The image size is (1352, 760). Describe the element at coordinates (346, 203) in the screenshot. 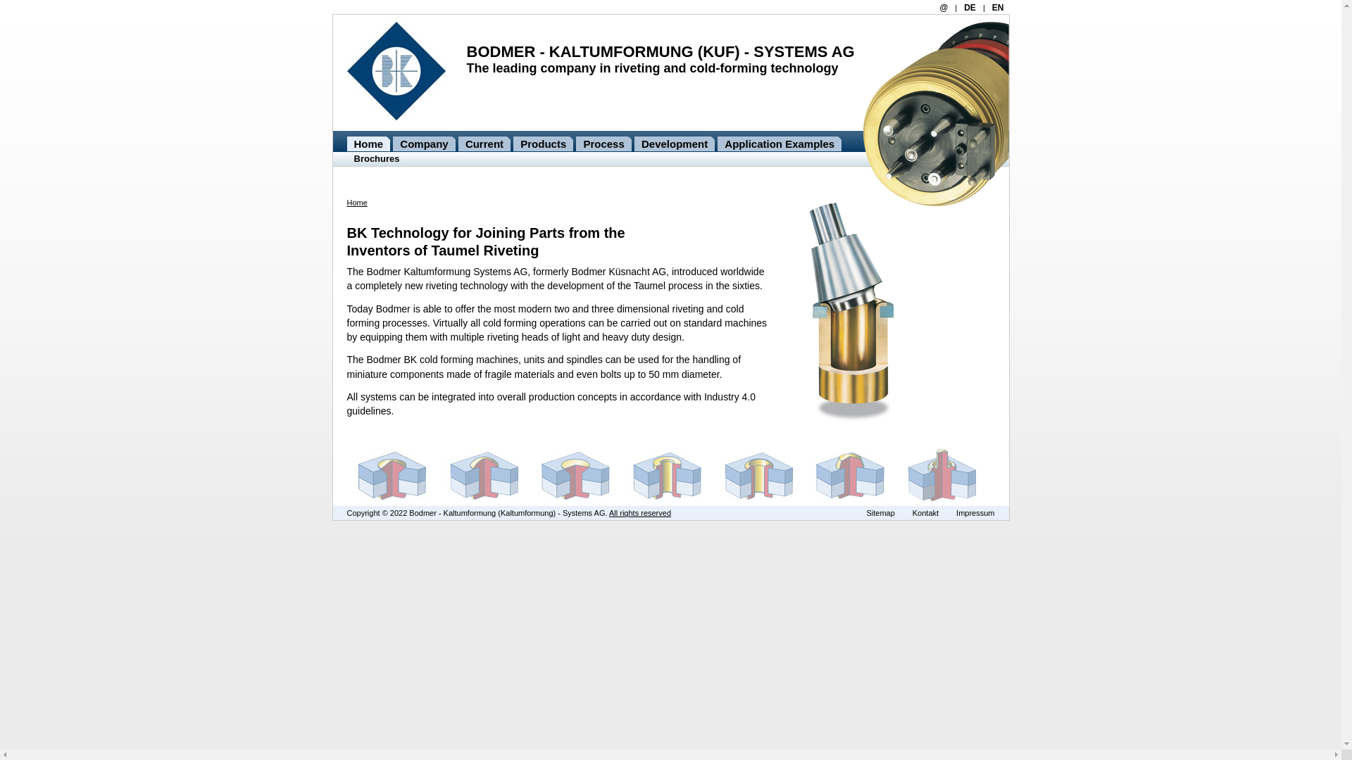

I see `'Home'` at that location.